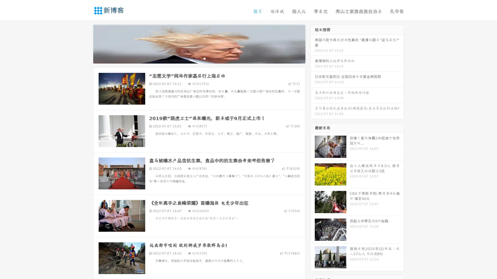 The height and width of the screenshot is (279, 497). I want to click on Go to slide 1, so click(194, 58).